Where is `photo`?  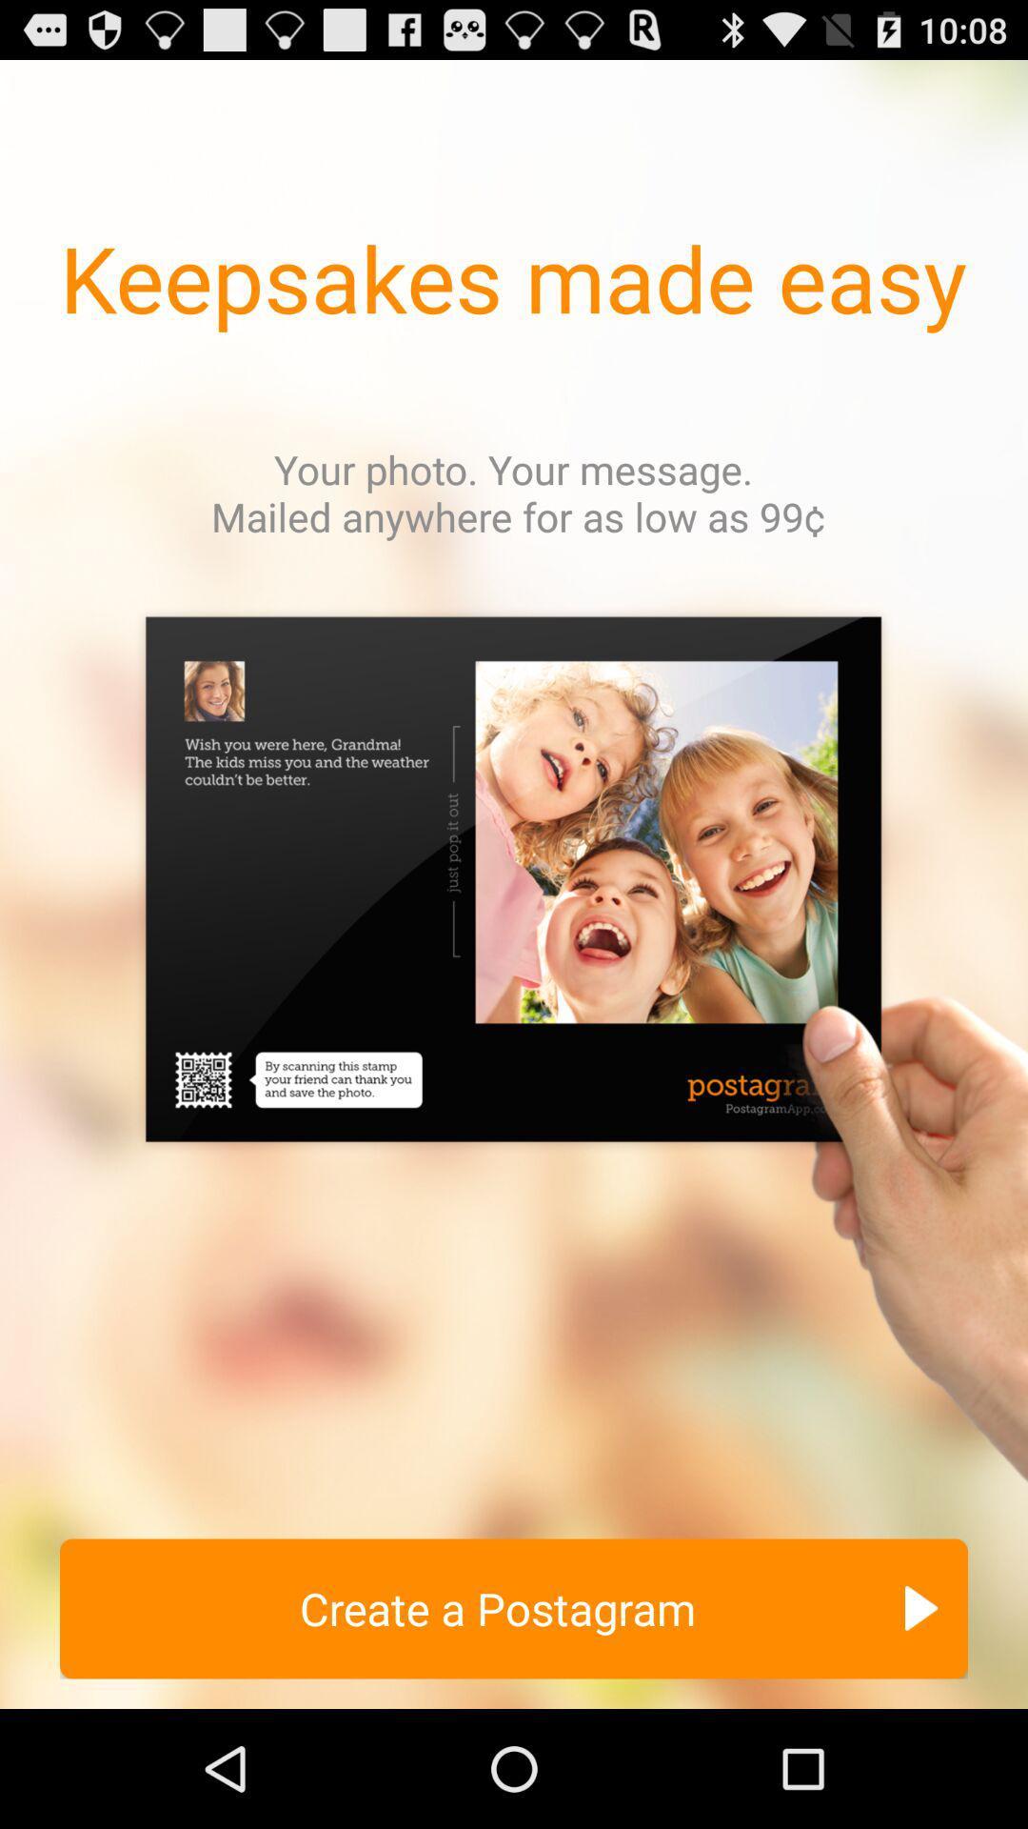 photo is located at coordinates (514, 1055).